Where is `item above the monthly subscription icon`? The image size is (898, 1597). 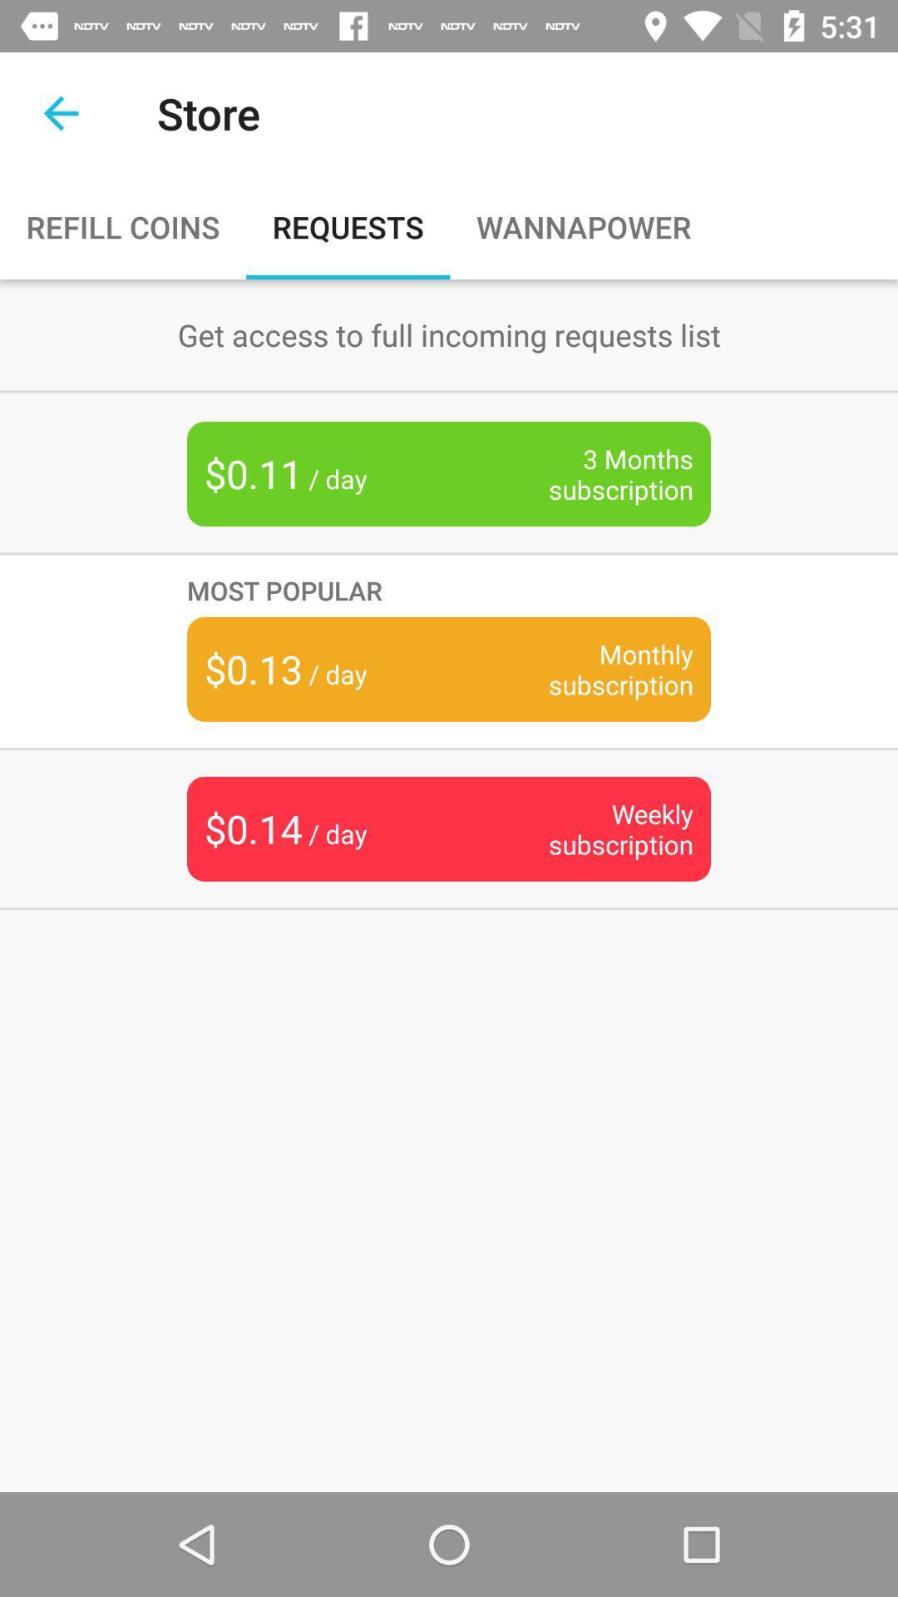
item above the monthly subscription icon is located at coordinates (449, 590).